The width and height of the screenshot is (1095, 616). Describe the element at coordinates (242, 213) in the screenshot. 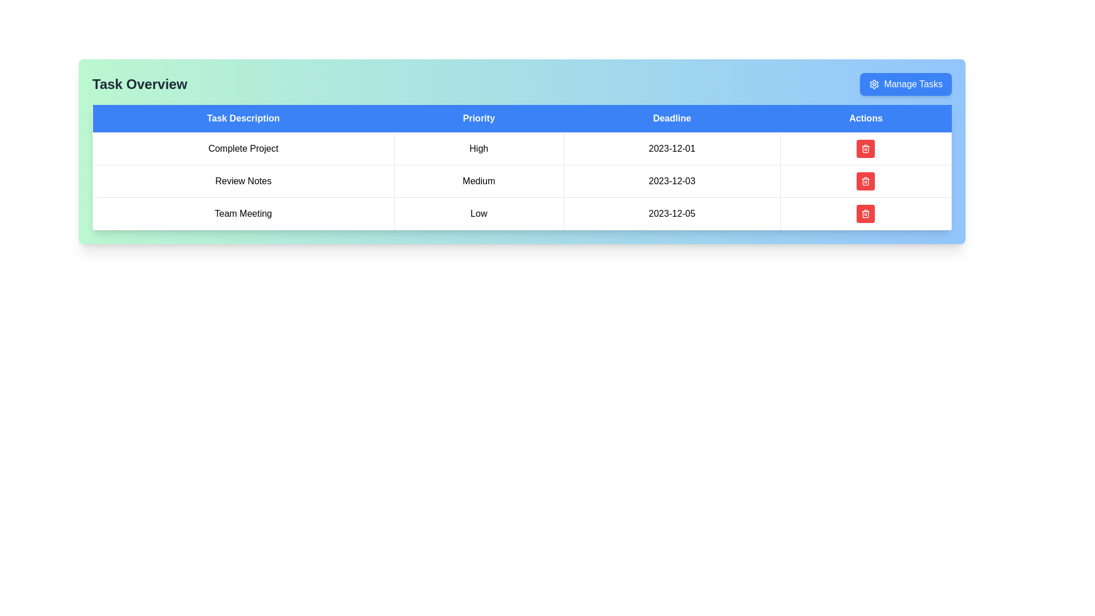

I see `the Text label in the 'Task Description' column, which is the third entry in the table providing information about the task` at that location.